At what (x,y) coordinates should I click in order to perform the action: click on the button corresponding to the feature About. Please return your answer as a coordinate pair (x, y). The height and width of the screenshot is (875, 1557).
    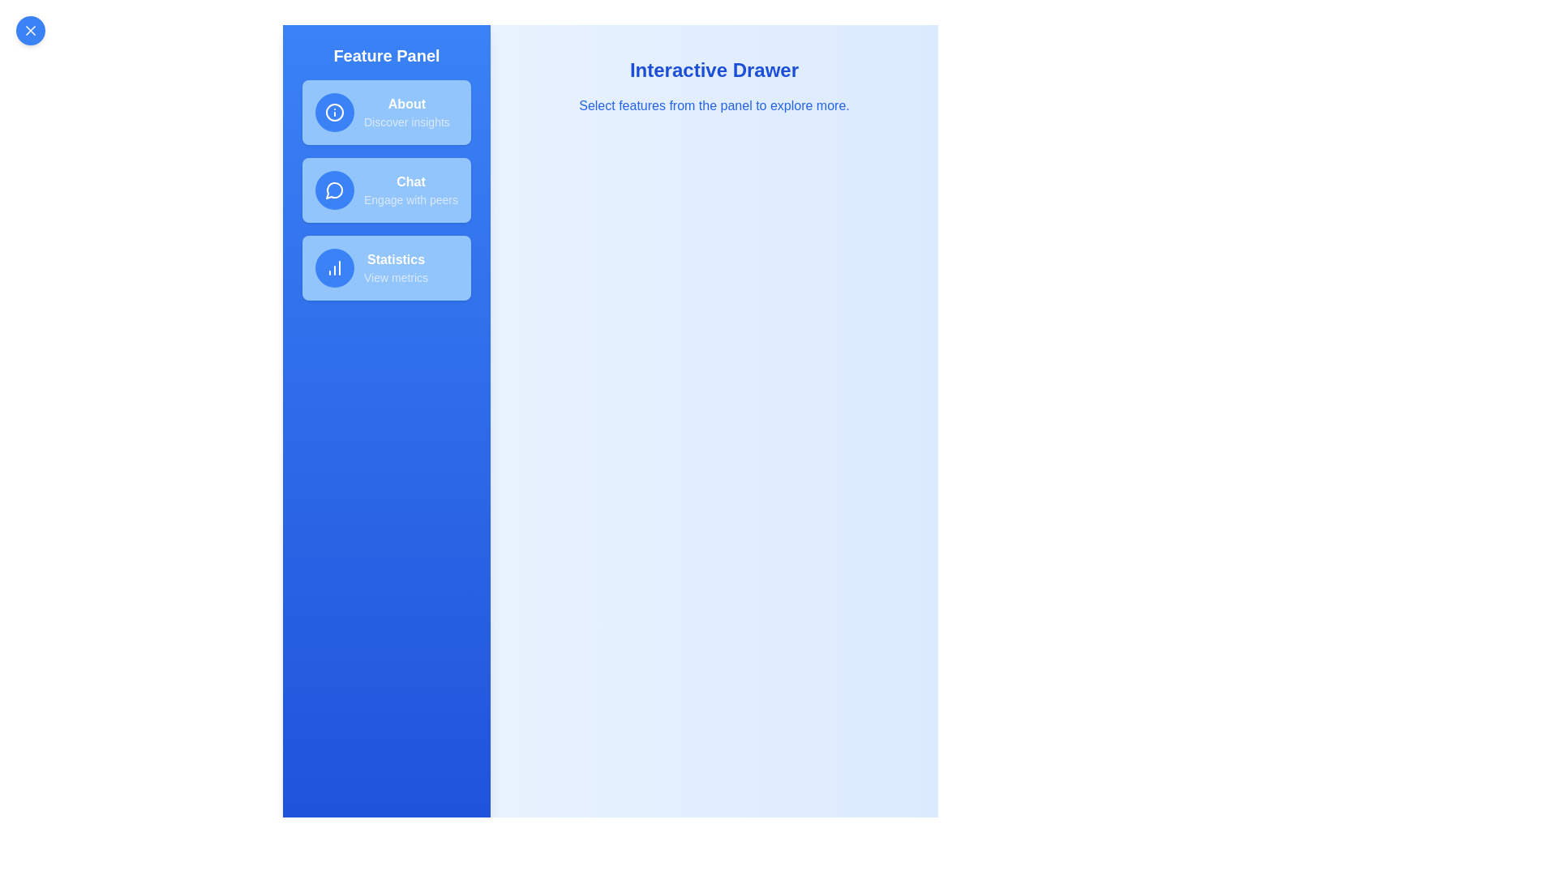
    Looking at the image, I should click on (385, 111).